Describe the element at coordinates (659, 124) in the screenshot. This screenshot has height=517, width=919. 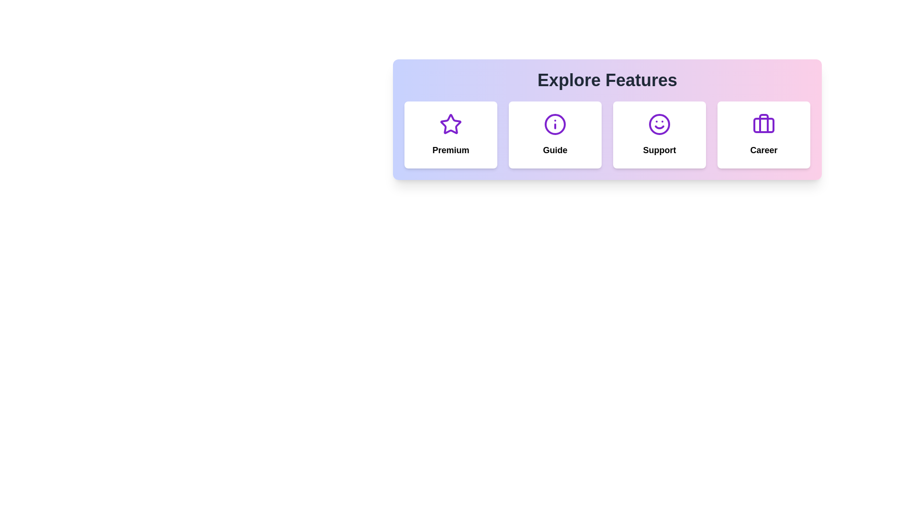
I see `the circular element that represents the core of the smiley face icon in the 'Support' feature within the Explore Features panel` at that location.